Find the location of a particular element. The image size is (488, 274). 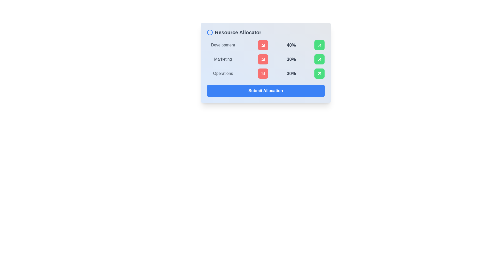

the red button in the second row under 'Marketing' is located at coordinates (263, 59).